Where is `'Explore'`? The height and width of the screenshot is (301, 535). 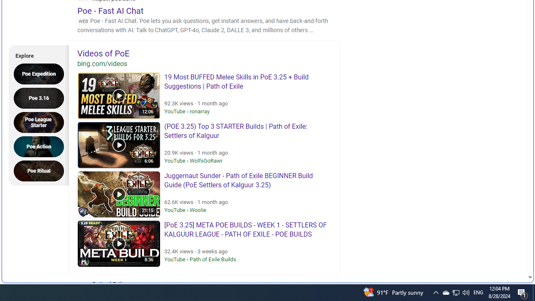 'Explore' is located at coordinates (36, 54).